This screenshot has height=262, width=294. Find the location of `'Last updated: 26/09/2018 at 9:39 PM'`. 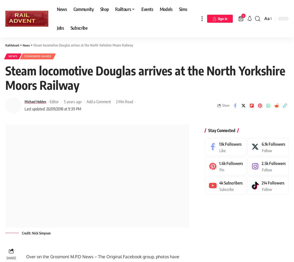

'Last updated: 26/09/2018 at 9:39 PM' is located at coordinates (24, 110).